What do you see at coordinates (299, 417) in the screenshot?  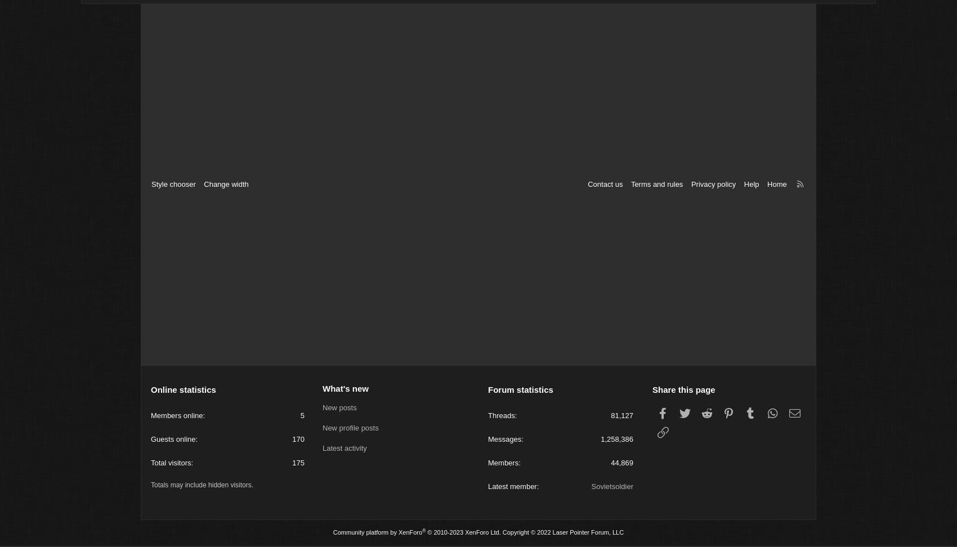 I see `'5'` at bounding box center [299, 417].